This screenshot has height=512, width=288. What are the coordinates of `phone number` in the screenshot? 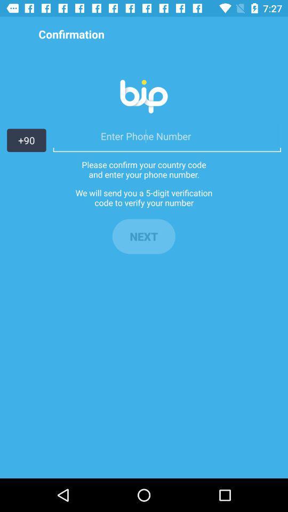 It's located at (167, 135).